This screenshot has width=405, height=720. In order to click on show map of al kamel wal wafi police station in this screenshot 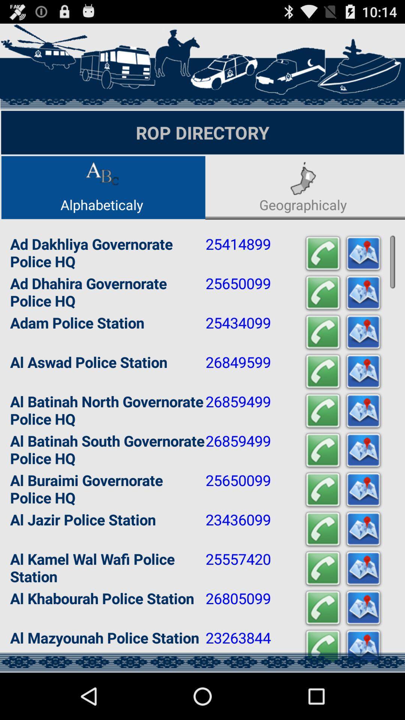, I will do `click(363, 568)`.